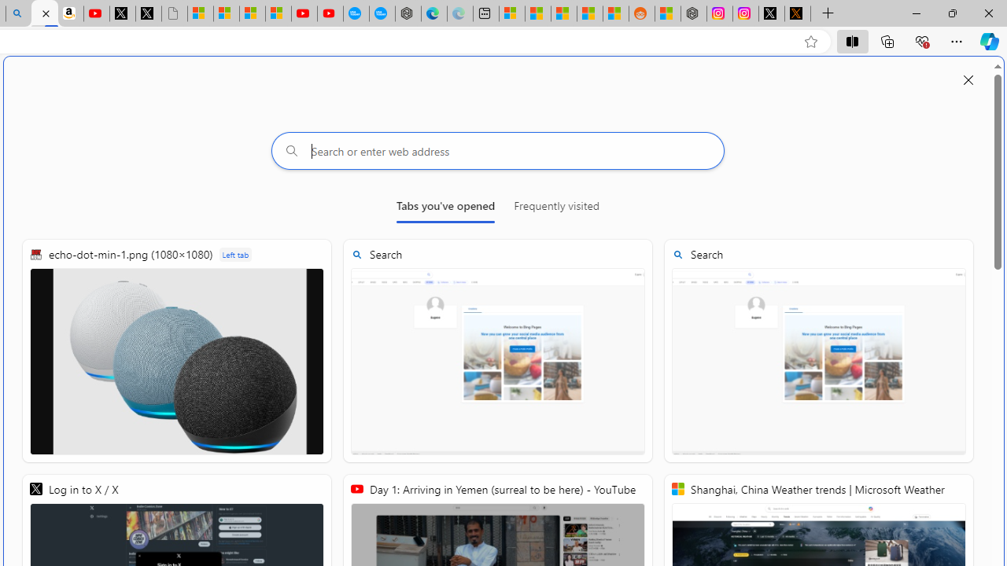 The height and width of the screenshot is (566, 1007). Describe the element at coordinates (798, 13) in the screenshot. I see `'help.x.com | 524: A timeout occurred'` at that location.